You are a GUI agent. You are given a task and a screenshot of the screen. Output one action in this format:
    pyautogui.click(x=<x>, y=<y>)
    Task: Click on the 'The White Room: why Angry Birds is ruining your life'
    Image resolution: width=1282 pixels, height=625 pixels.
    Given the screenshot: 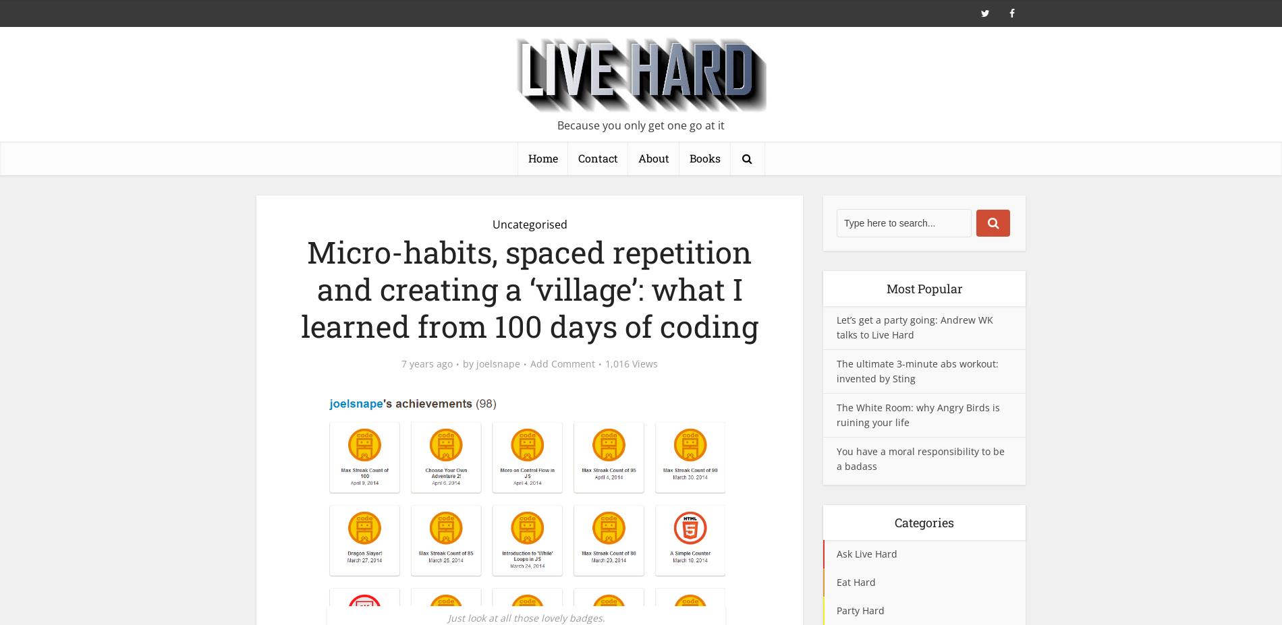 What is the action you would take?
    pyautogui.click(x=917, y=415)
    